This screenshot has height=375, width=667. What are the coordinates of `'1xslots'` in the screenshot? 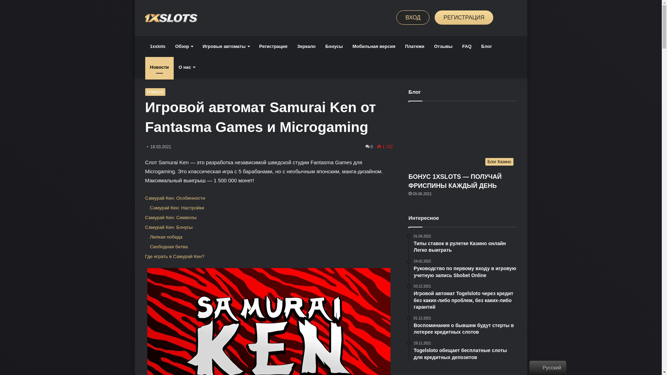 It's located at (157, 47).